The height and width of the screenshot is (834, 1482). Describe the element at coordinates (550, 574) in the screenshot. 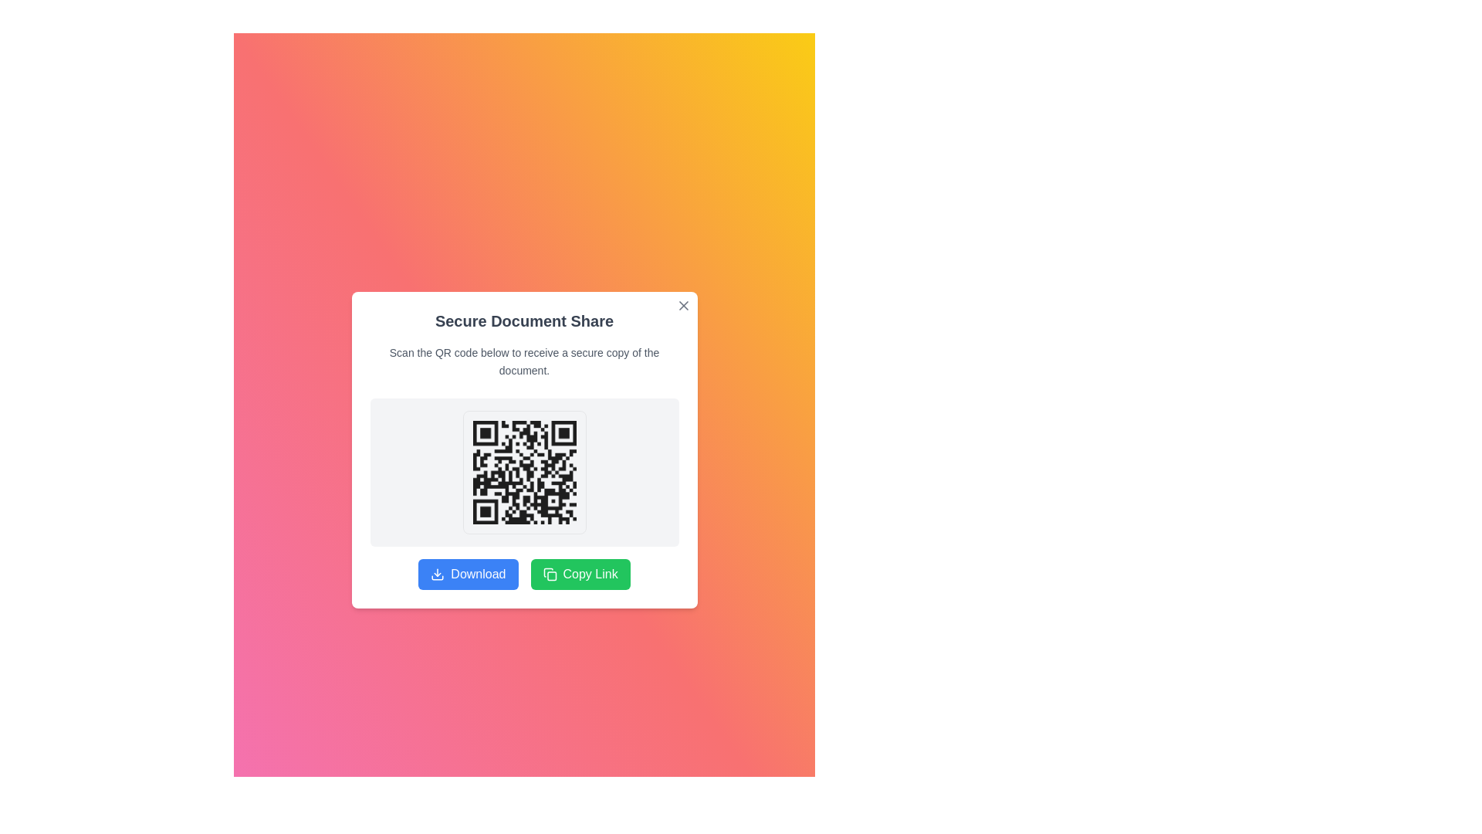

I see `the 'Copy Link' green button icon located at the bottom-right corner of the modal dialog, which is adjacent to the blue 'Download' button` at that location.